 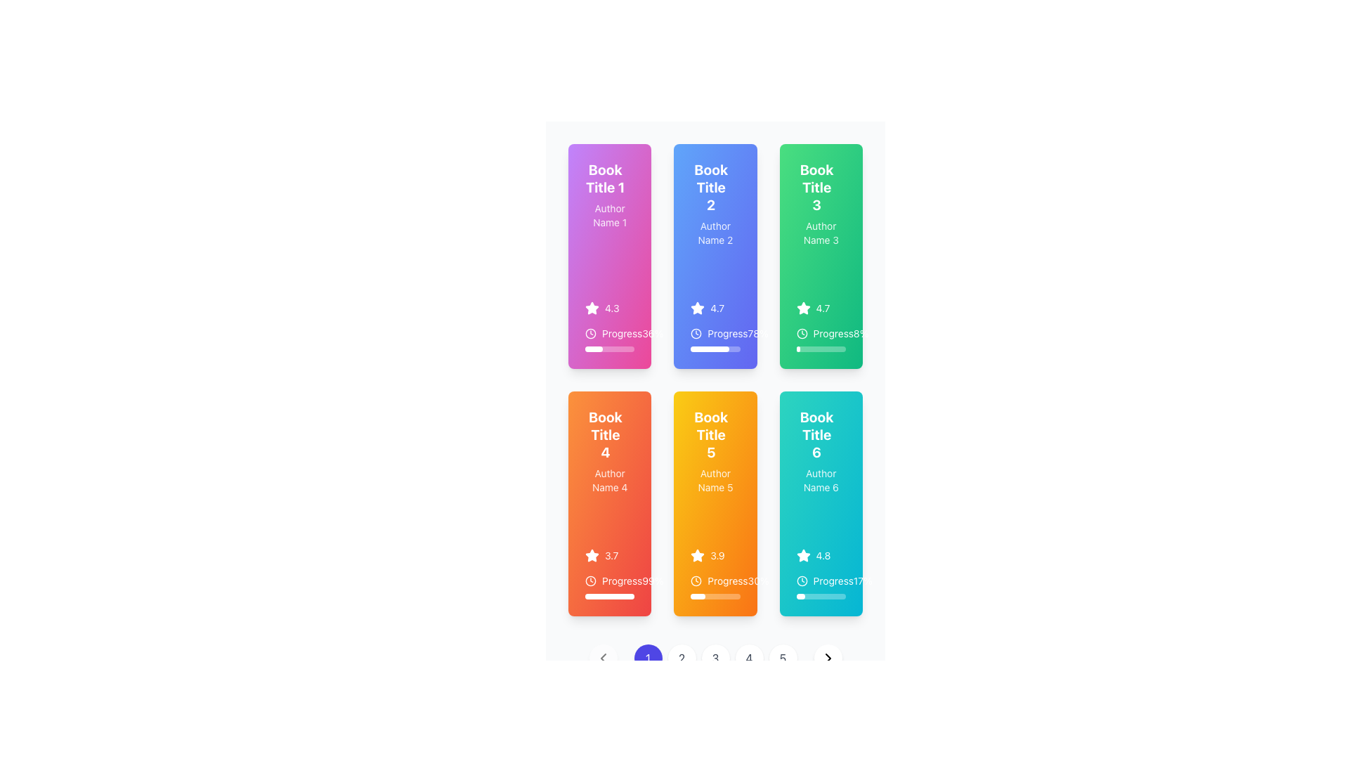 I want to click on the 'Progress' label displayed in white sans-serif font against a pink background, located beneath the text '4.3' and adjacent to a clock icon, so click(x=621, y=333).